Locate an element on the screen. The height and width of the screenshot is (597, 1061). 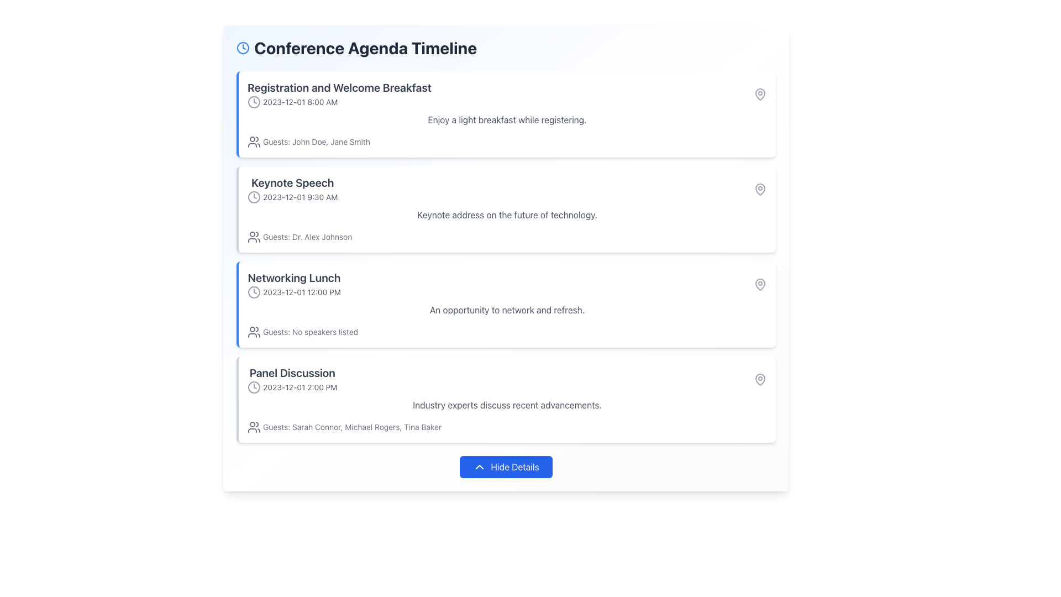
the Text Label that provides context about the 'Networking Lunch' event, located below the event title and above the 'Guests: No speakers listed' text is located at coordinates (506, 310).